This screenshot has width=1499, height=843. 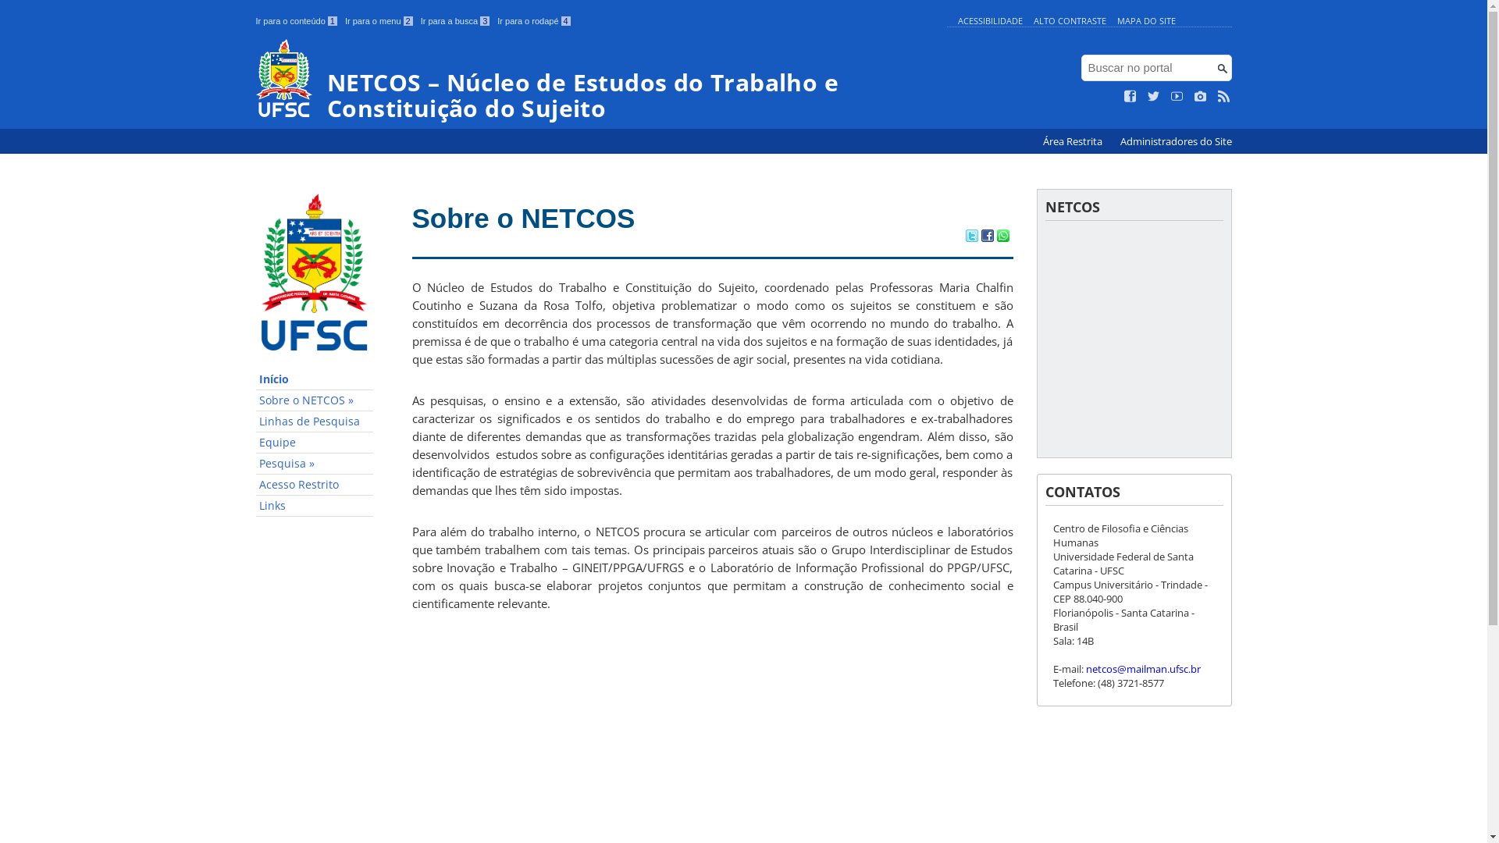 I want to click on 'Compartilhar no Twitter', so click(x=970, y=237).